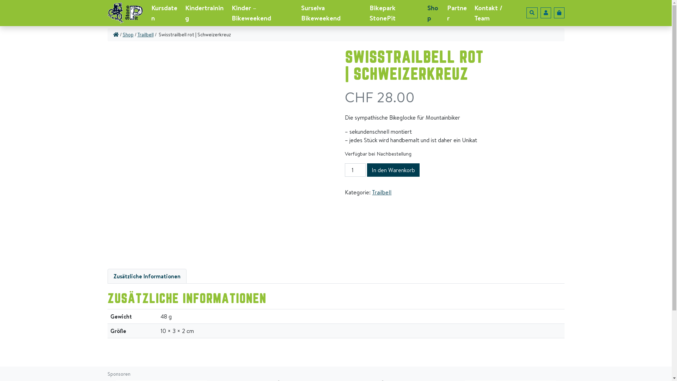 The width and height of the screenshot is (677, 381). What do you see at coordinates (332, 13) in the screenshot?
I see `'Surselva Bikeweekend'` at bounding box center [332, 13].